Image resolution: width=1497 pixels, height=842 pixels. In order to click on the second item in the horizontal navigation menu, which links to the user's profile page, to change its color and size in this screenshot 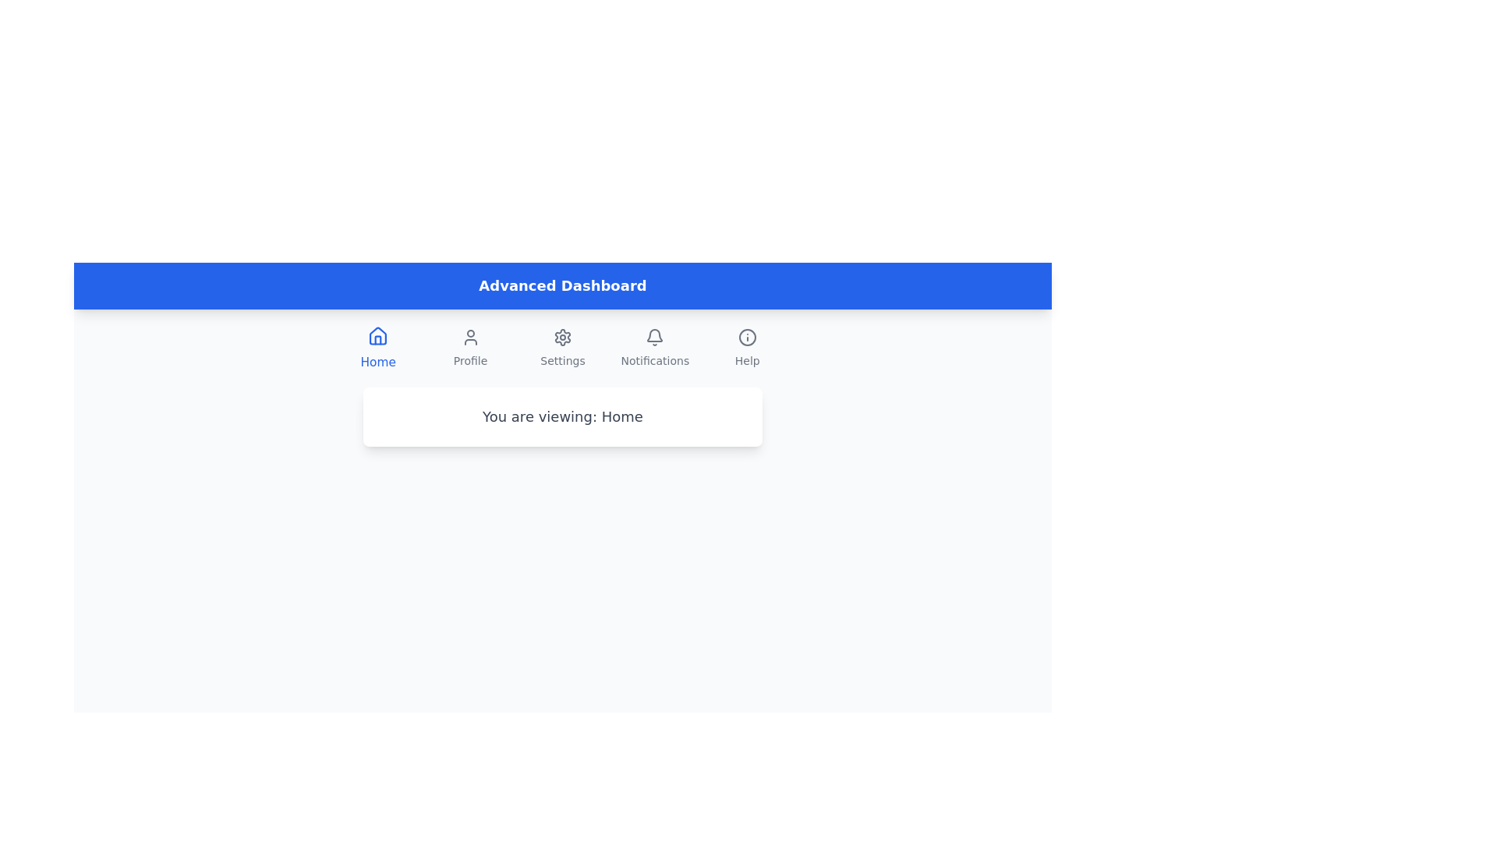, I will do `click(469, 348)`.